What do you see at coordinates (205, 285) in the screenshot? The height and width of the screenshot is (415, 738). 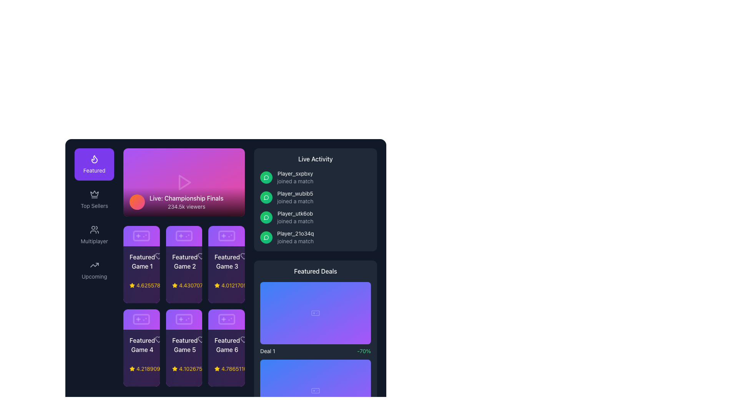 I see `the static text displaying the rating '4.430707725342142' which is styled in yellow and positioned next to a star icon in the featured games section` at bounding box center [205, 285].